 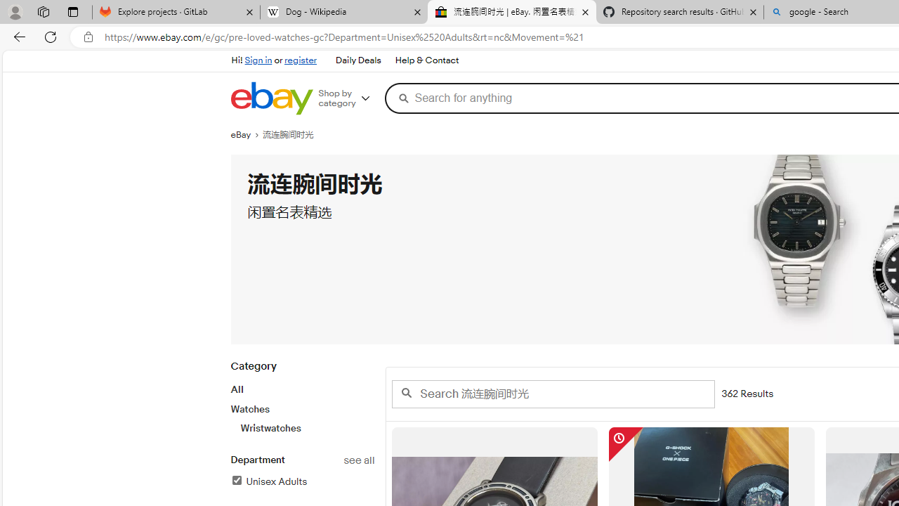 I want to click on 'Daily Deals', so click(x=357, y=60).